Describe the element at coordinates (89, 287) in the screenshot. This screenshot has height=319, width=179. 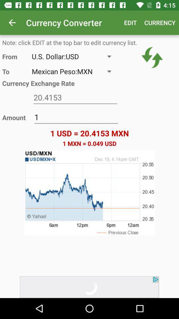
I see `move forward` at that location.